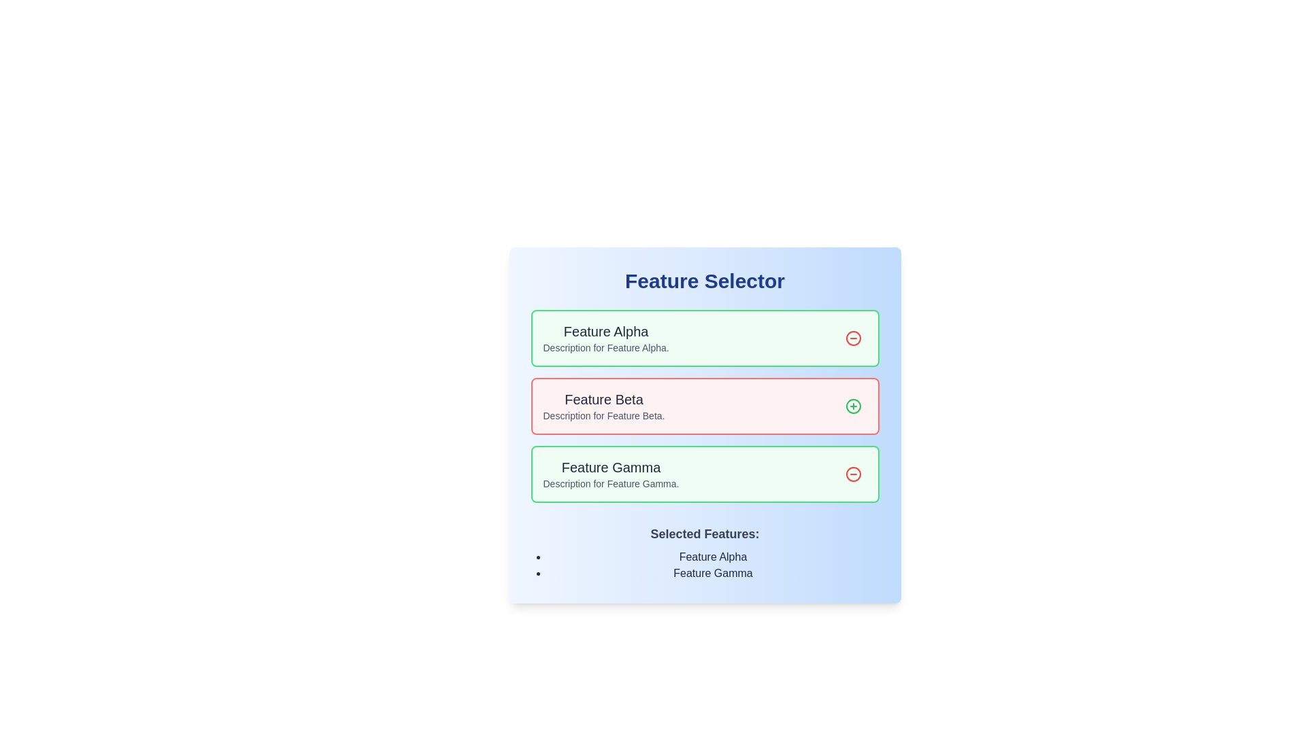  I want to click on the text display labeled 'Feature Alpha' found in the 'Selected Features' section, which is the first item in a bullet list, so click(712, 557).